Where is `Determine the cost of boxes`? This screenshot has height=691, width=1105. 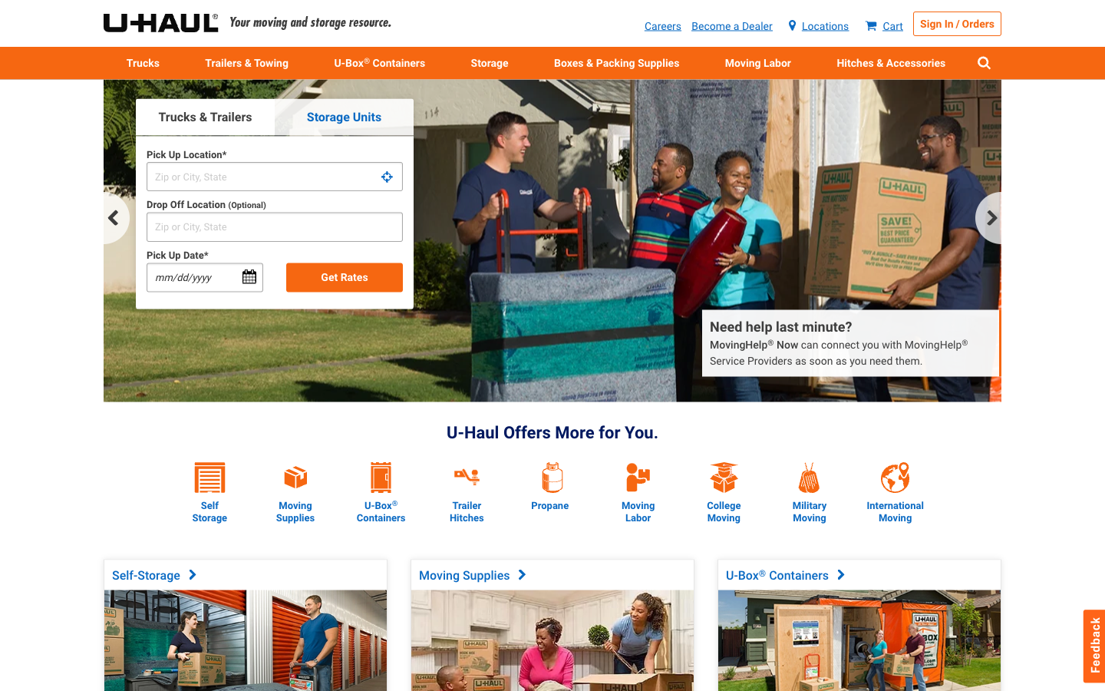
Determine the cost of boxes is located at coordinates (295, 464).